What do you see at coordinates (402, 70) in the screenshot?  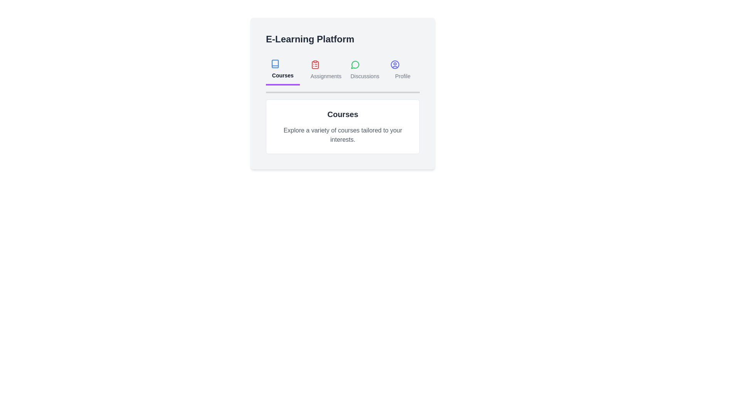 I see `the Profile tab to view its content` at bounding box center [402, 70].